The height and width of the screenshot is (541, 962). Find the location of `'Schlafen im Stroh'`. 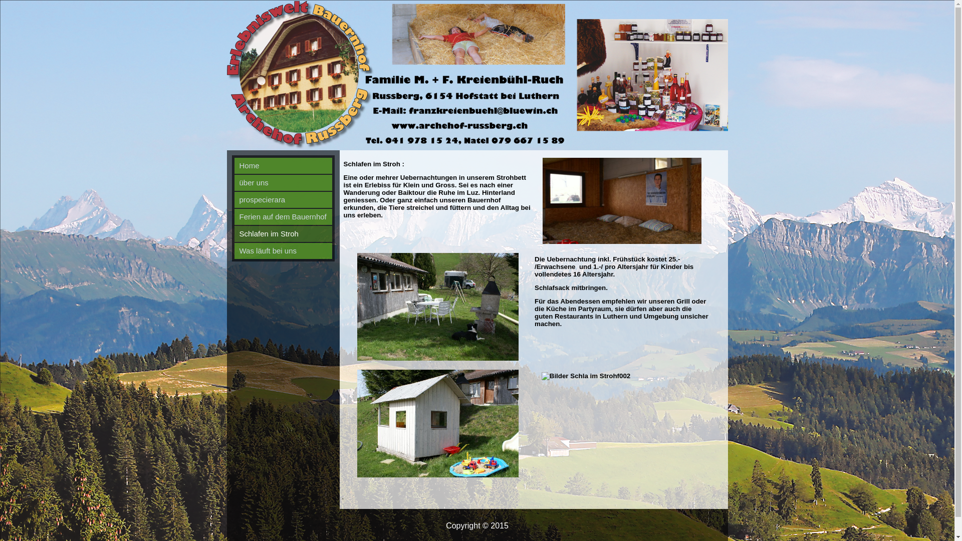

'Schlafen im Stroh' is located at coordinates (233, 233).